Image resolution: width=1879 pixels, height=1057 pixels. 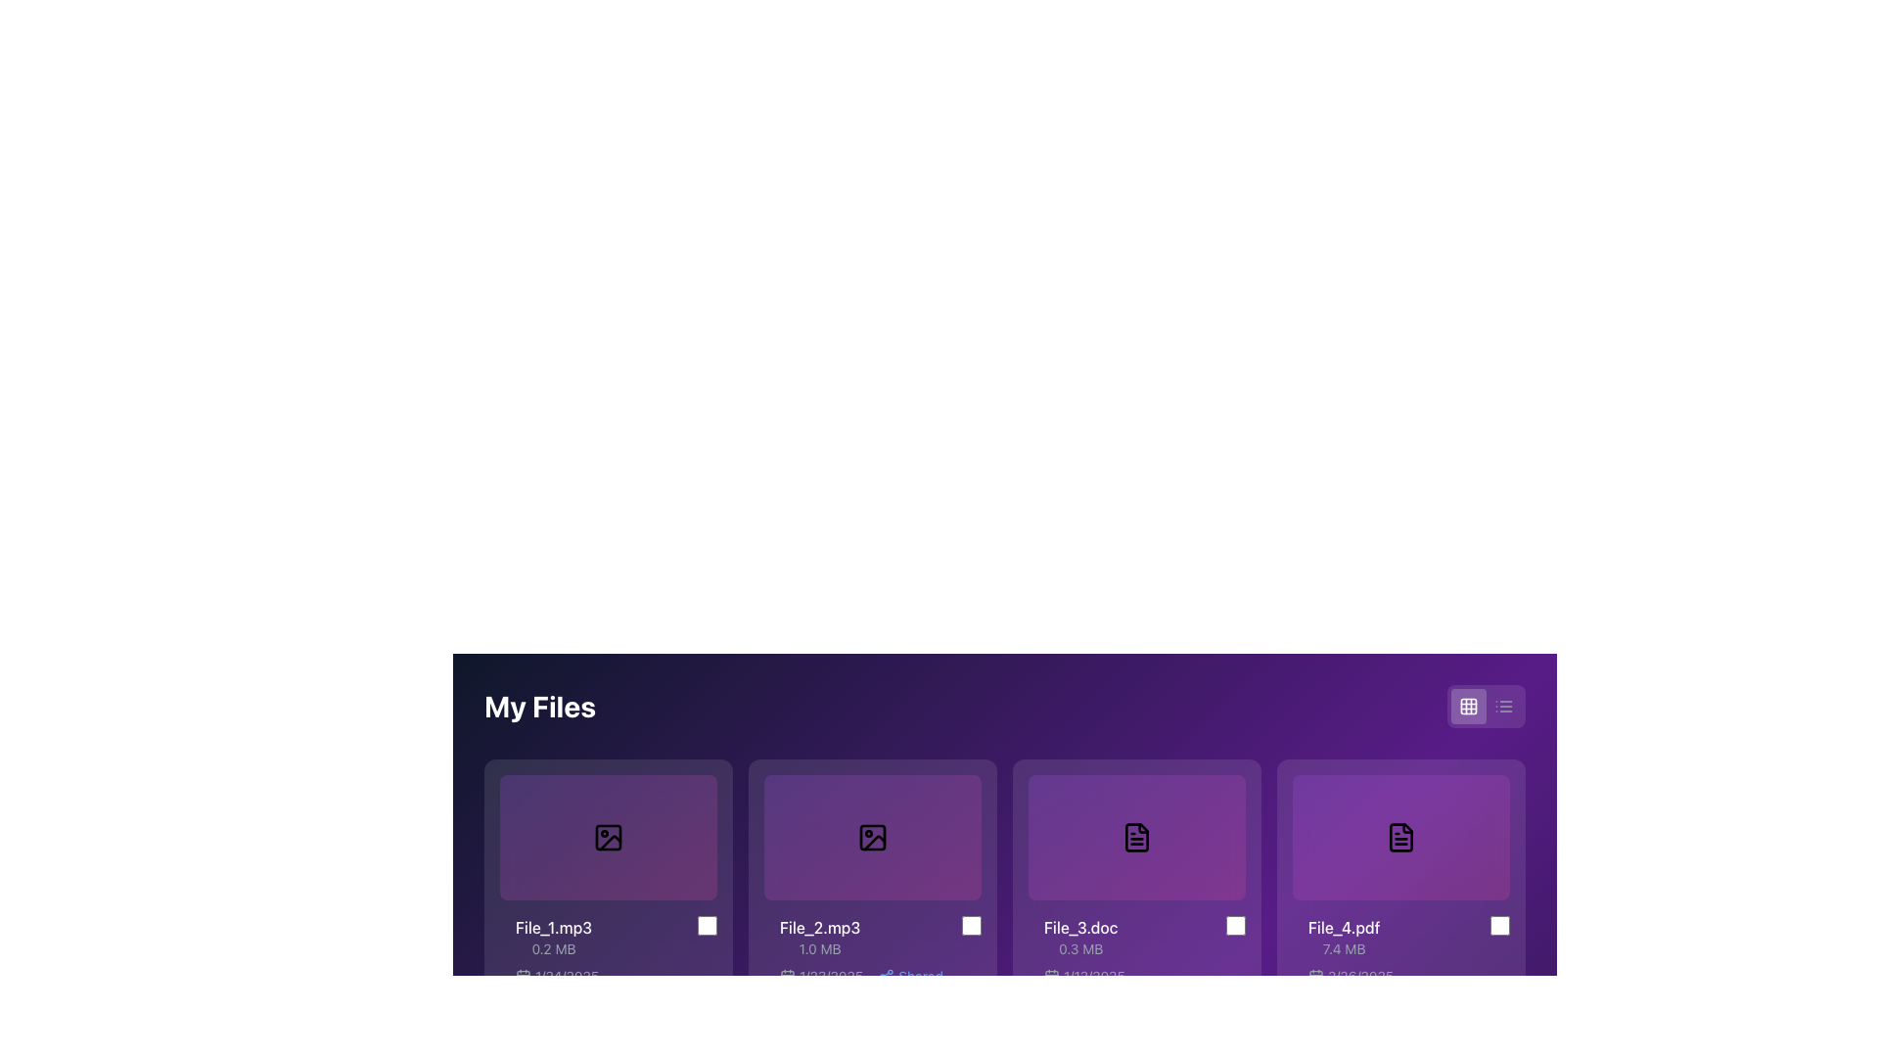 What do you see at coordinates (788, 977) in the screenshot?
I see `the date indicator icon located as the first element in the horizontal group of the file display card, which provides context for the associated date '1/23/2025'` at bounding box center [788, 977].